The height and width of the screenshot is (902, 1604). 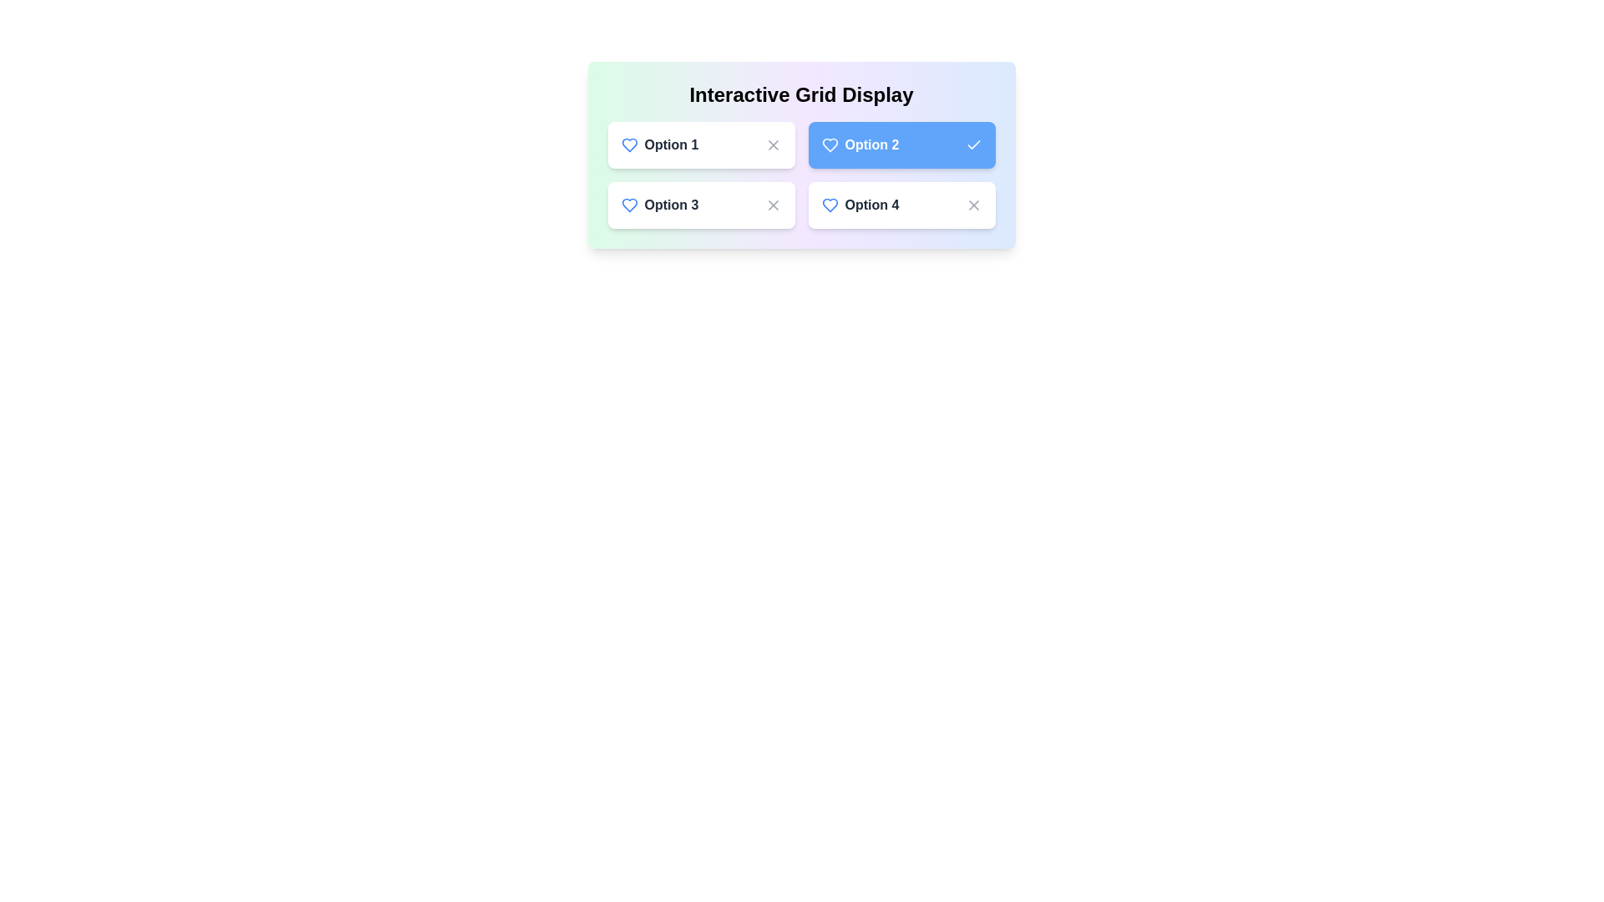 What do you see at coordinates (701, 205) in the screenshot?
I see `the option labeled Option 3` at bounding box center [701, 205].